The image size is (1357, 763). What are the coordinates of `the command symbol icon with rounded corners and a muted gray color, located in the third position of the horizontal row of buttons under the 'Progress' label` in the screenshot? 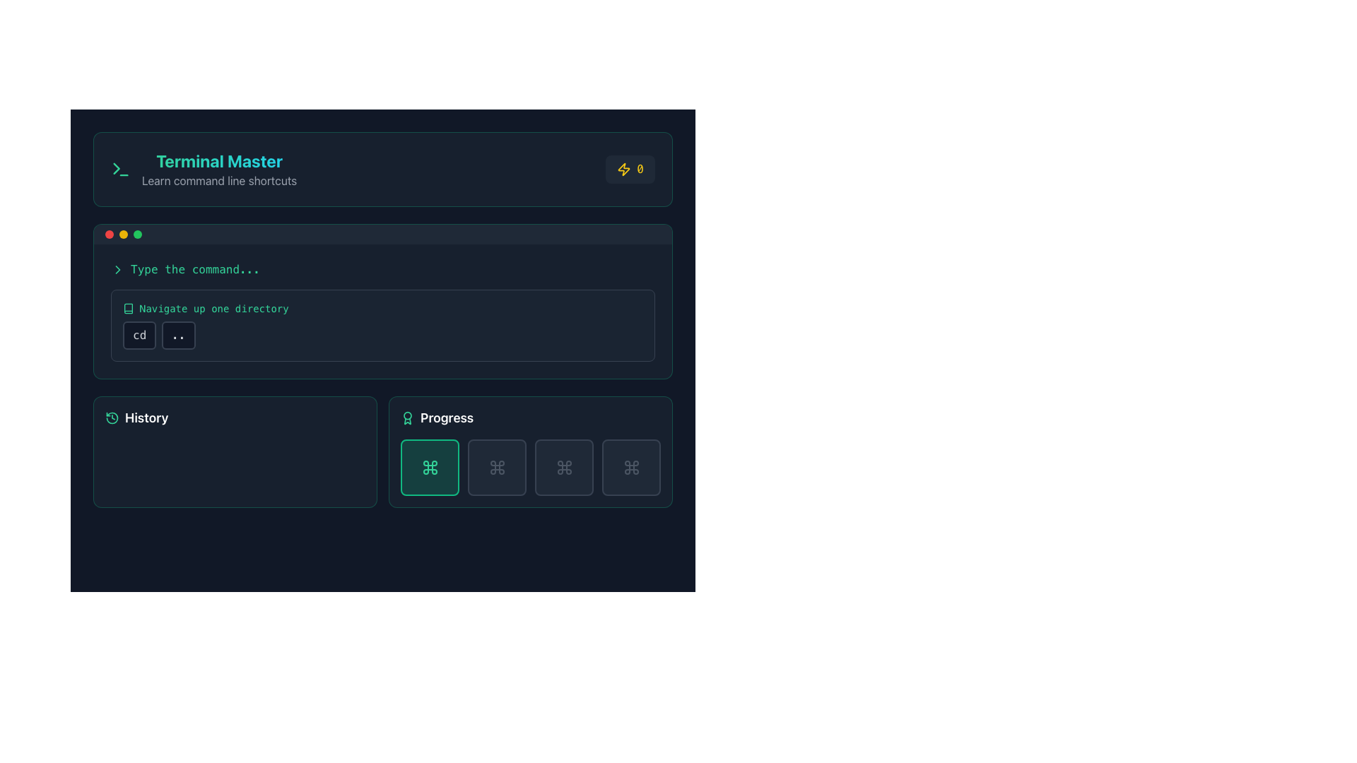 It's located at (563, 468).